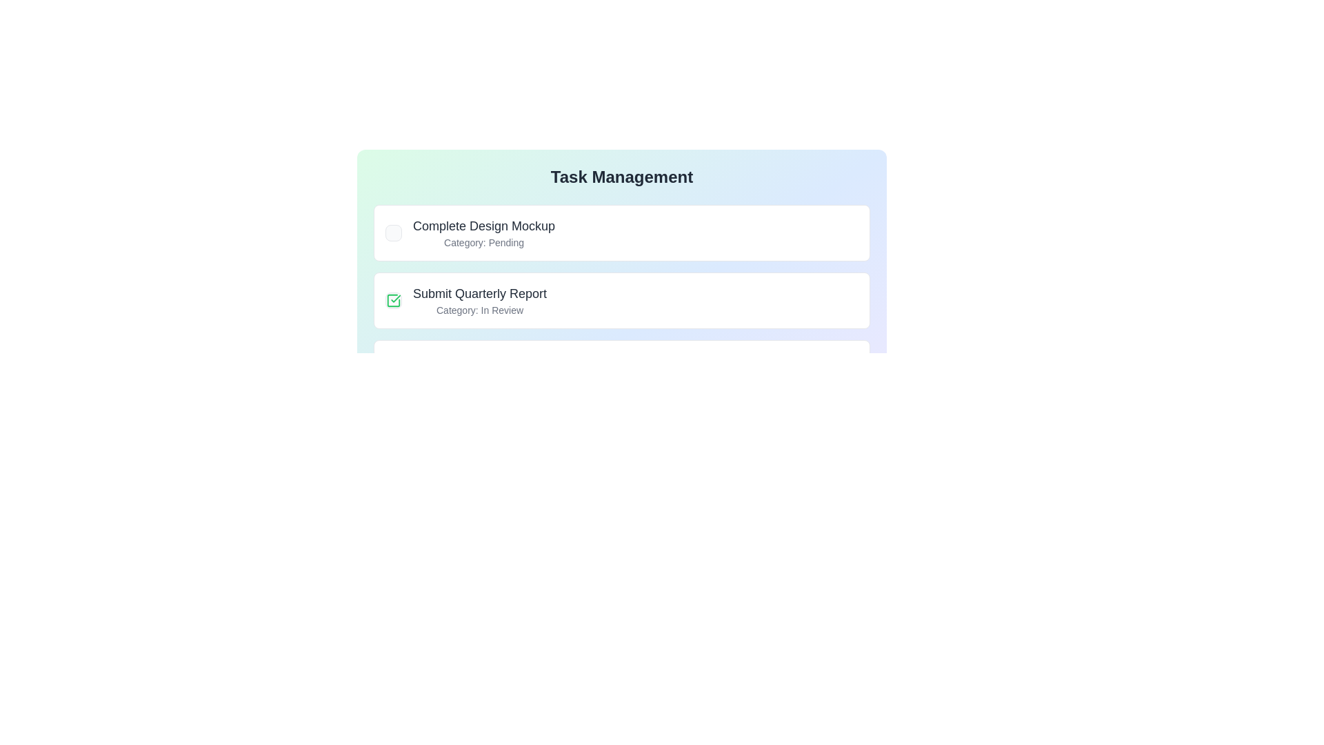  What do you see at coordinates (393, 299) in the screenshot?
I see `the checkbox with a green checkmark icon located to the left of the 'Submit Quarterly Report' title` at bounding box center [393, 299].